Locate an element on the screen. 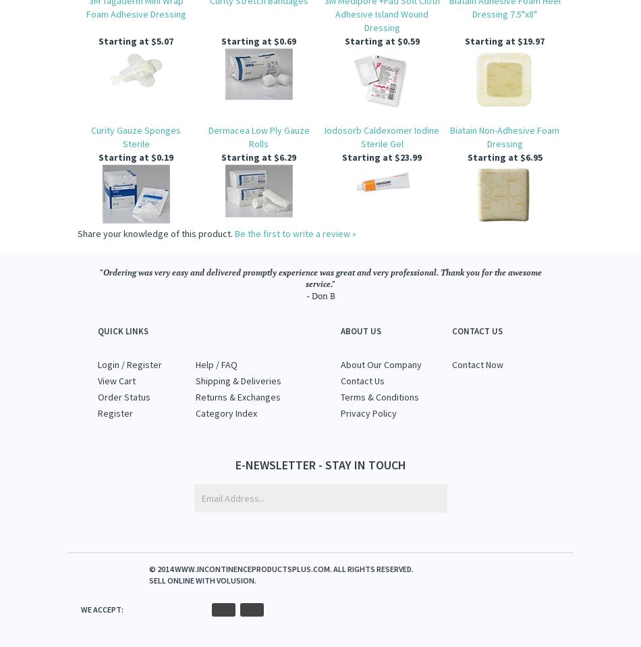 Image resolution: width=641 pixels, height=647 pixels. '$6.29' is located at coordinates (283, 156).